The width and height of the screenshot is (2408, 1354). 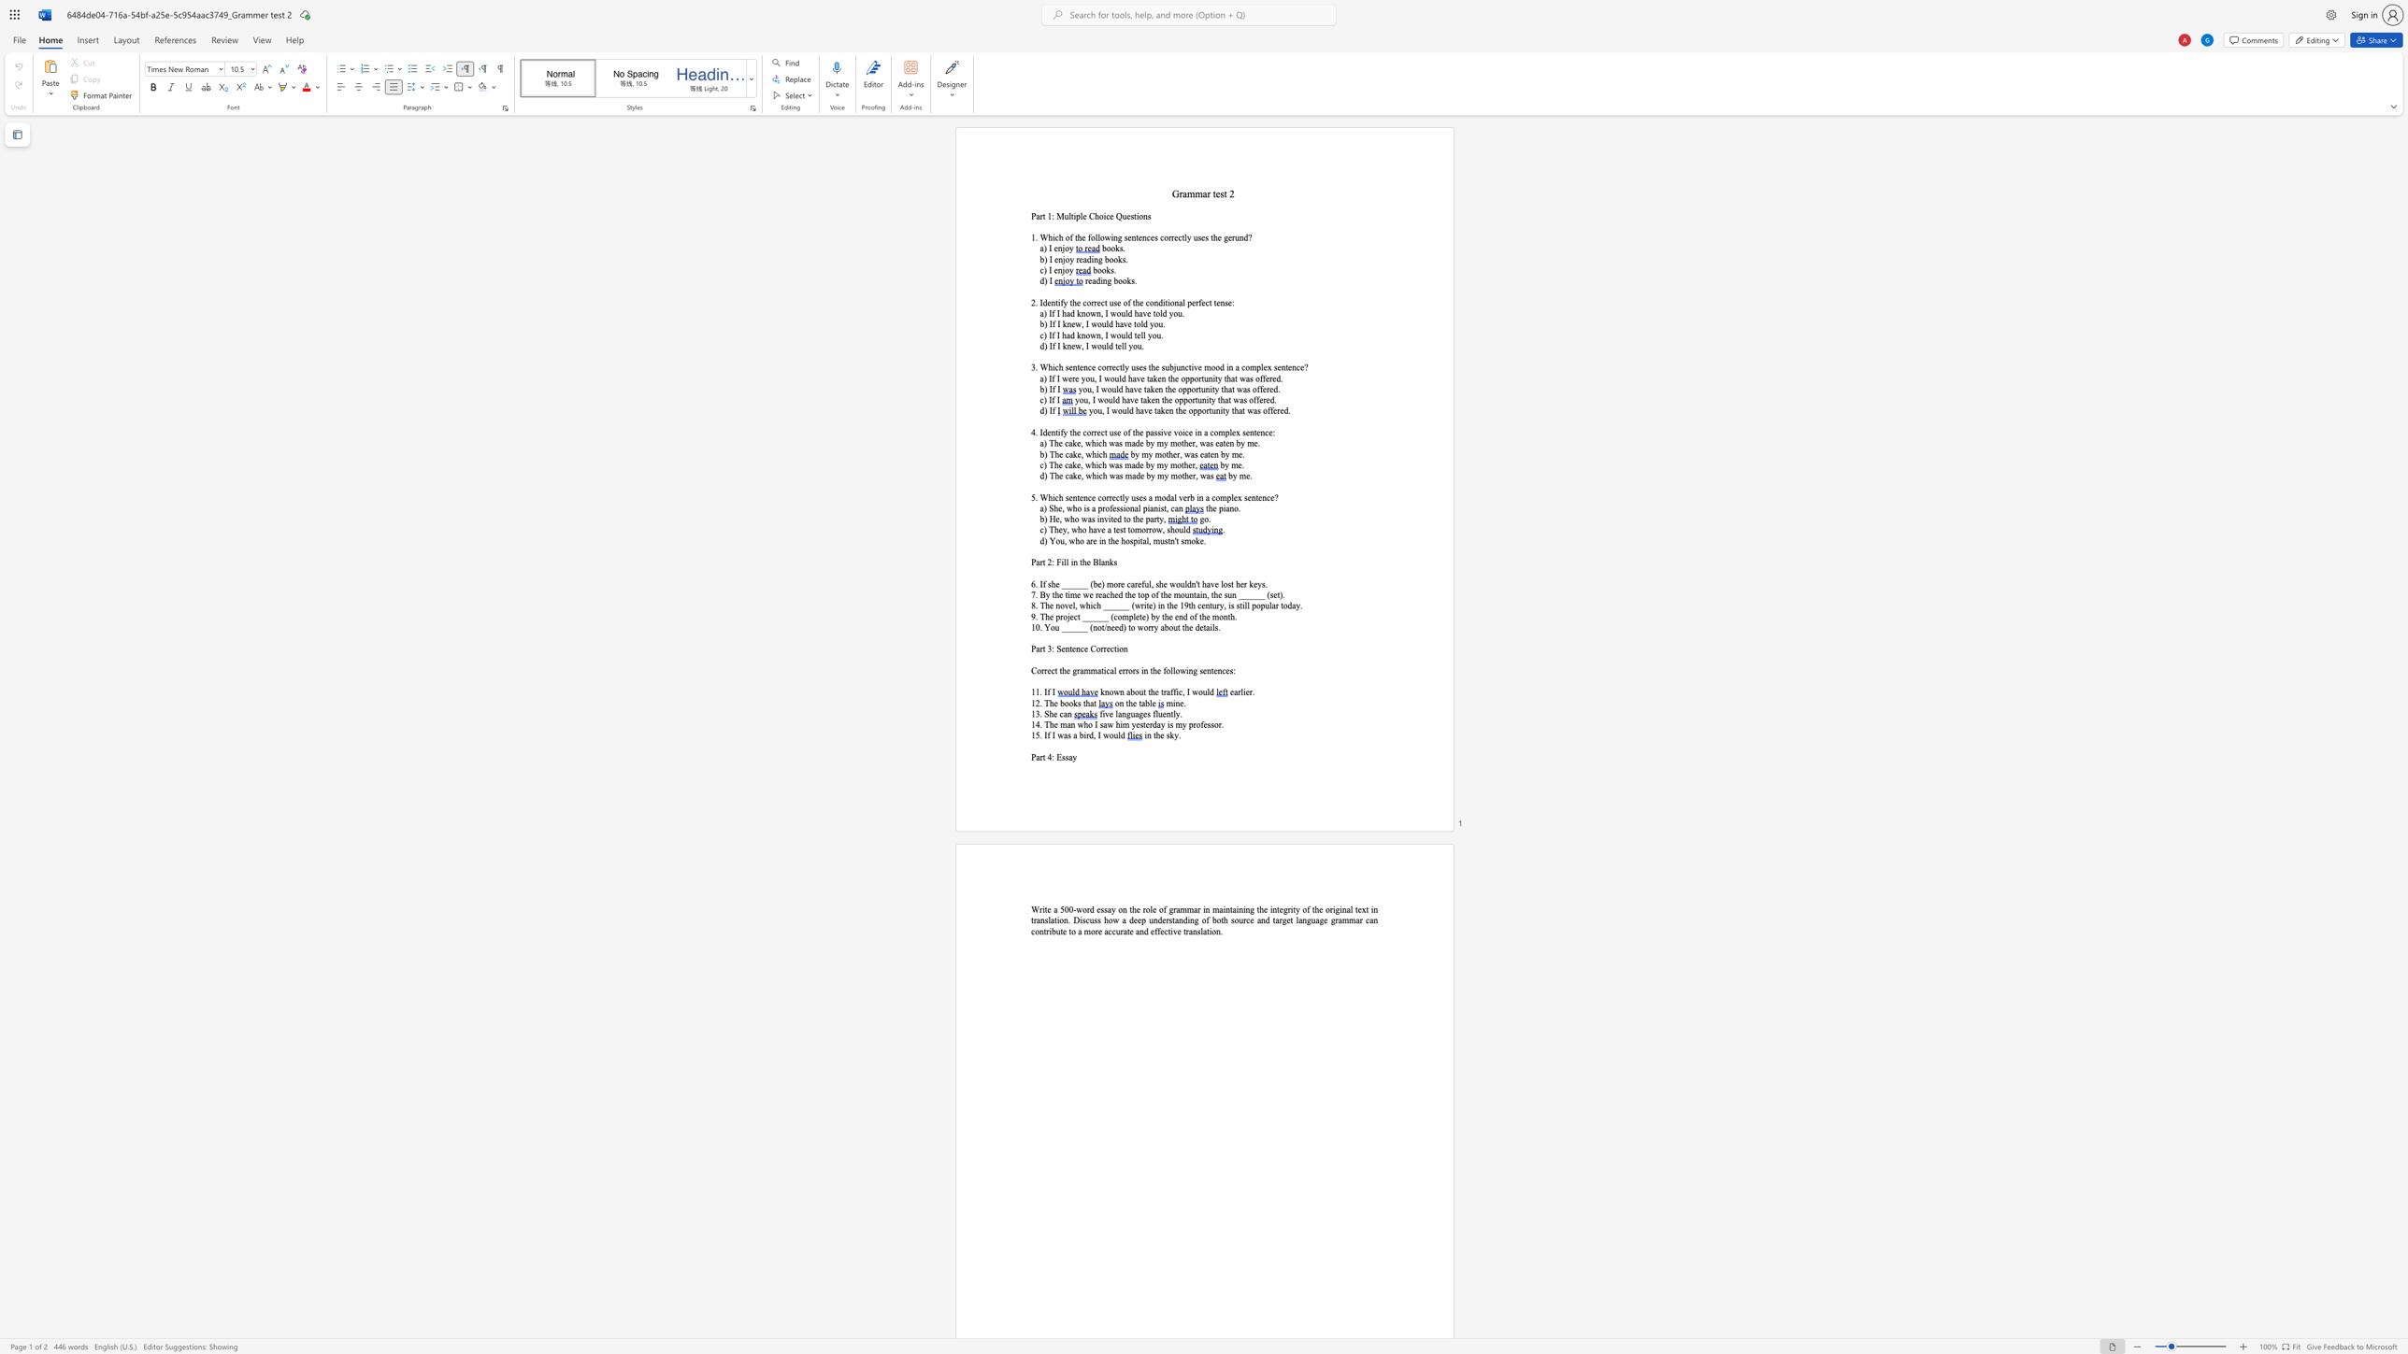 I want to click on the space between the continuous character "w" and "n" in the text, so click(x=1095, y=335).